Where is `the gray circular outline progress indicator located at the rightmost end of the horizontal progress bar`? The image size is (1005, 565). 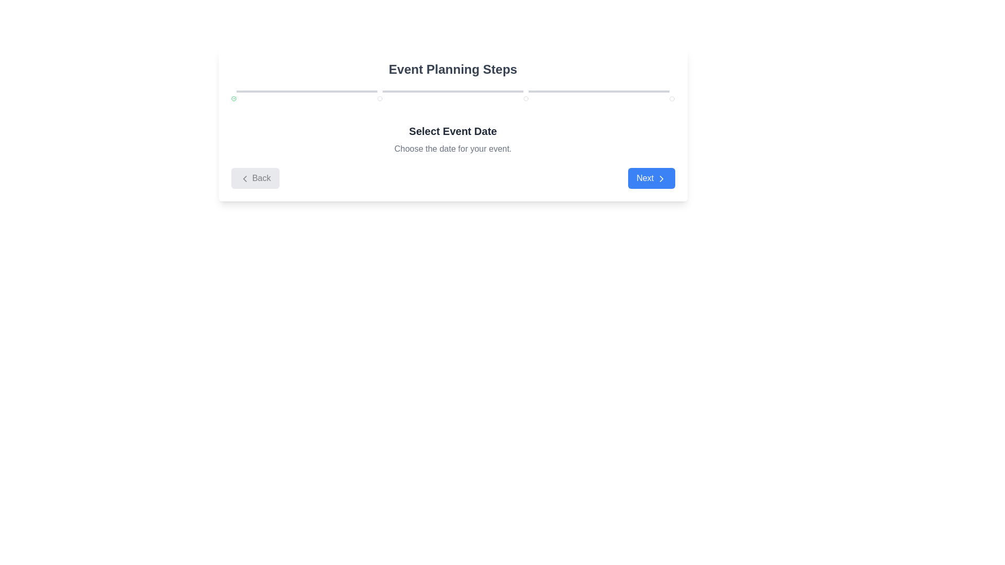
the gray circular outline progress indicator located at the rightmost end of the horizontal progress bar is located at coordinates (672, 99).